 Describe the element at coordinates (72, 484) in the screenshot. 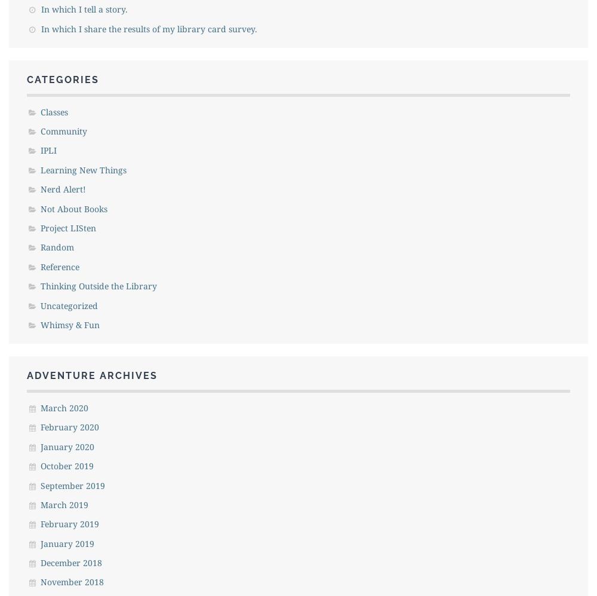

I see `'September 2019'` at that location.